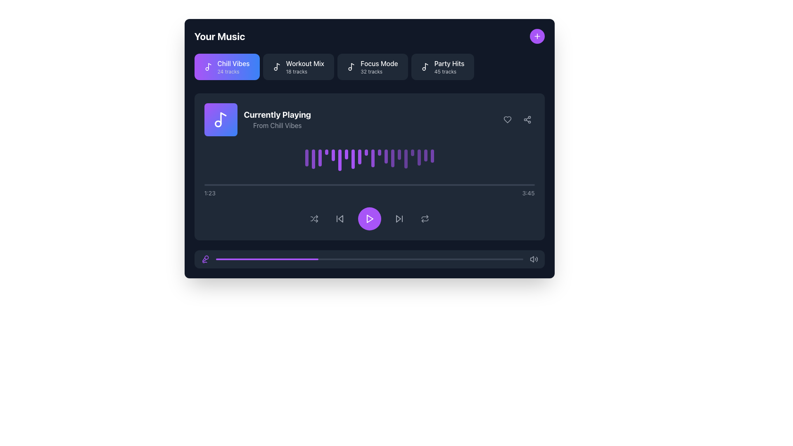  Describe the element at coordinates (313, 159) in the screenshot. I see `the animation change of the second vertical bar in the real-time visualization section of the music player interface` at that location.